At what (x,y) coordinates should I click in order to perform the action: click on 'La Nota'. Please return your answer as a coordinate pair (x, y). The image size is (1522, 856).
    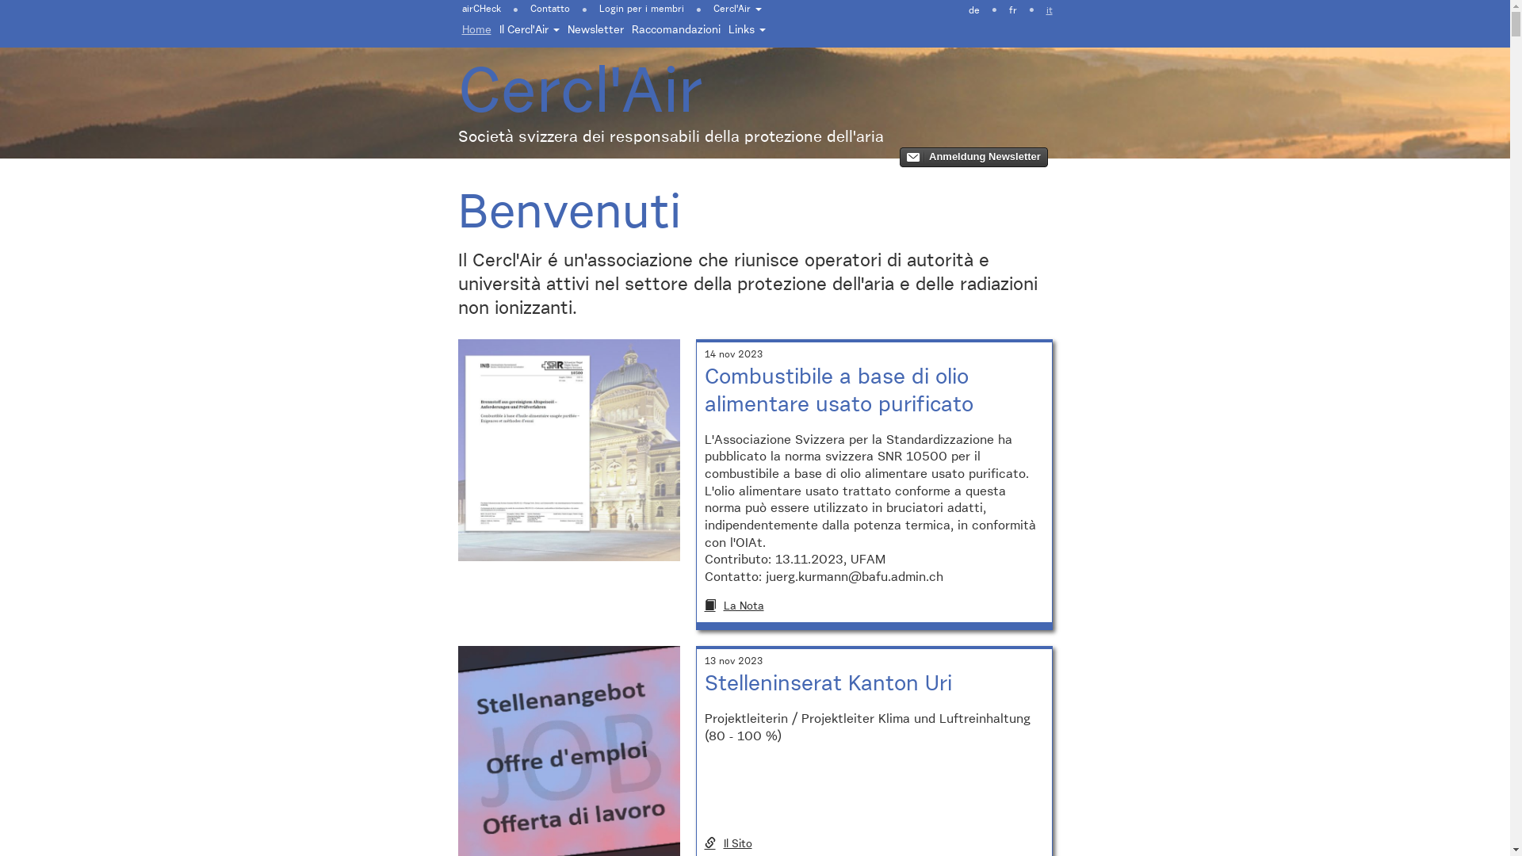
    Looking at the image, I should click on (873, 606).